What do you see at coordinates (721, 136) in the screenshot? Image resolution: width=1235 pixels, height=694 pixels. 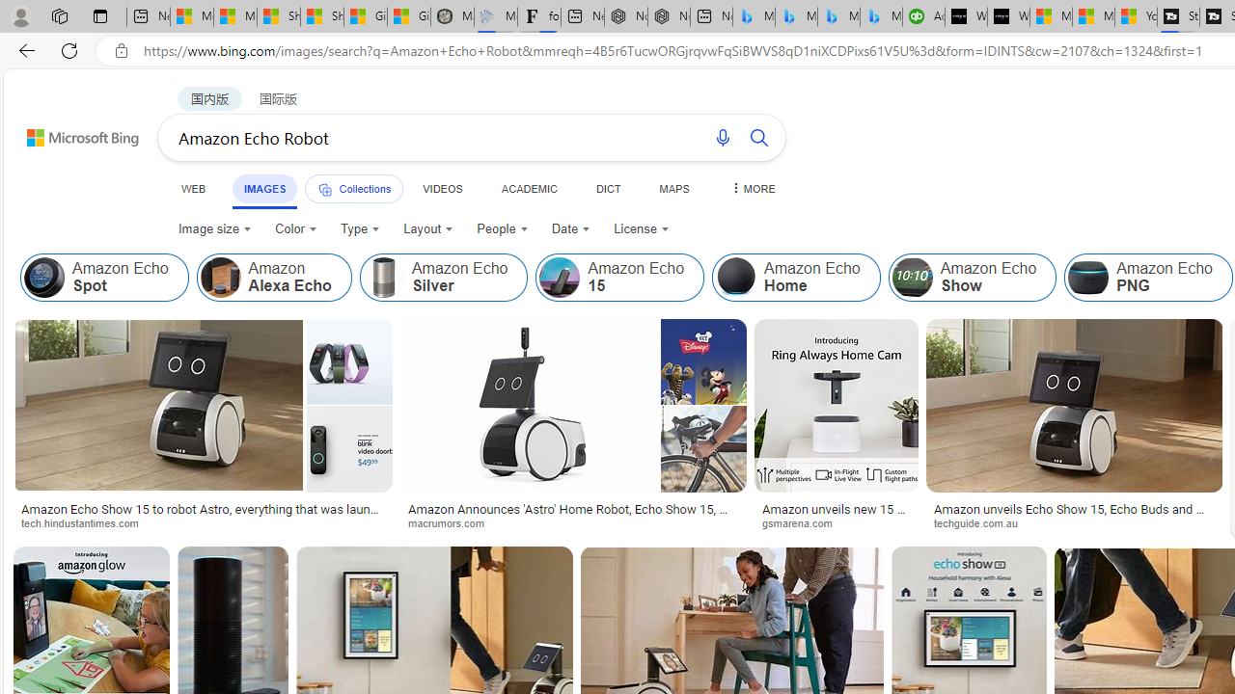 I see `'Search using voice'` at bounding box center [721, 136].